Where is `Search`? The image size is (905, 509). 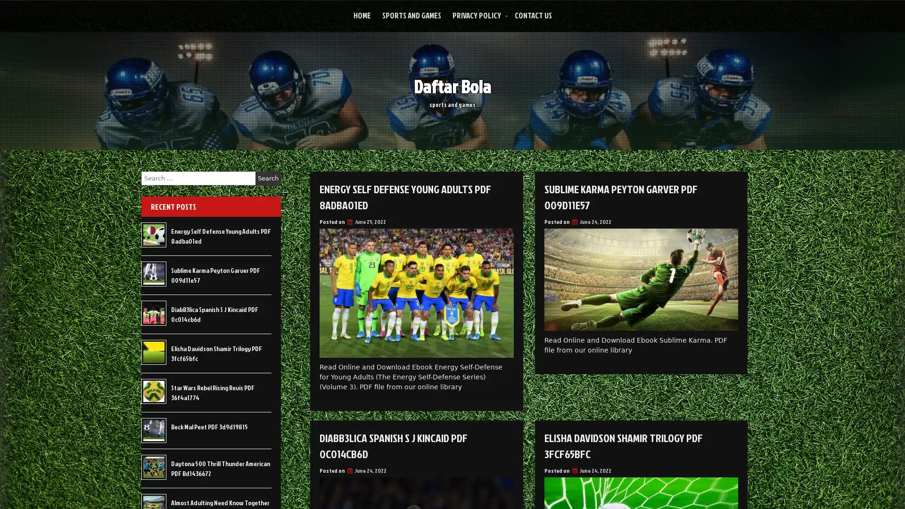
Search is located at coordinates (268, 178).